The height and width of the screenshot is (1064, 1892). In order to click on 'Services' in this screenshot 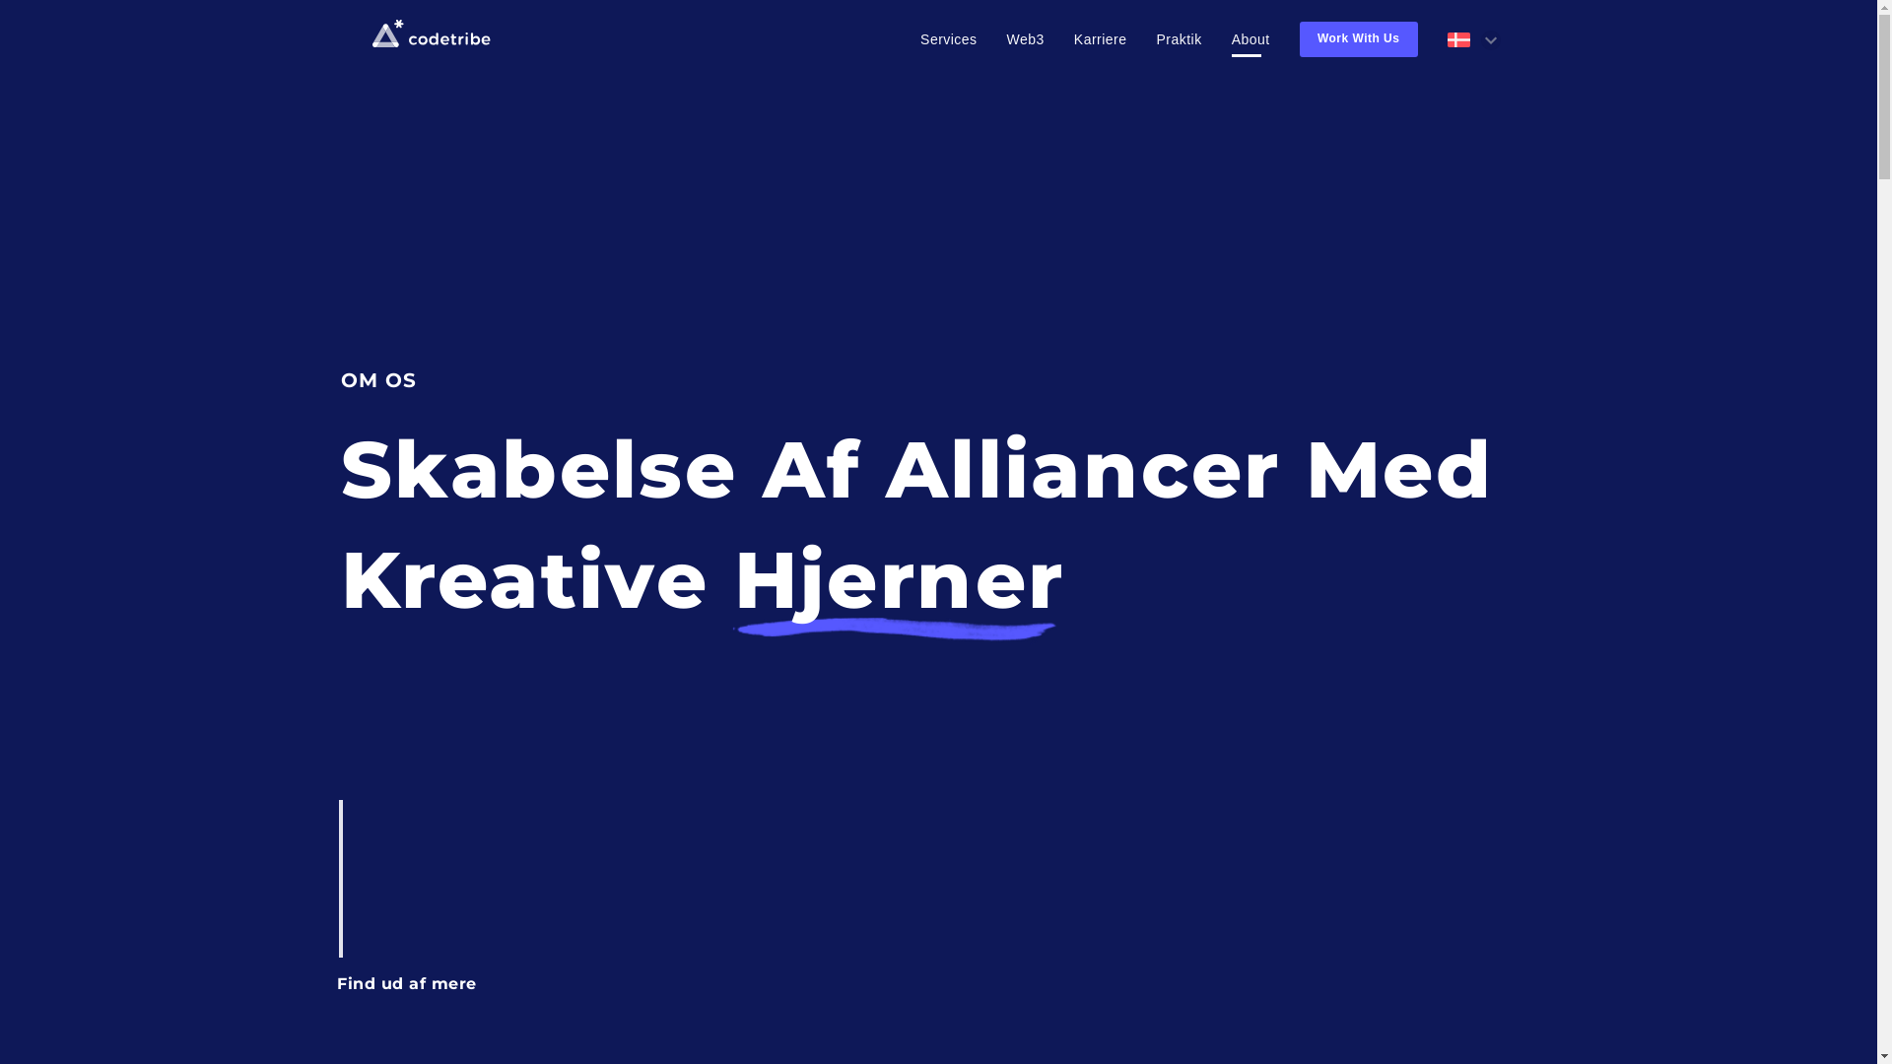, I will do `click(919, 38)`.